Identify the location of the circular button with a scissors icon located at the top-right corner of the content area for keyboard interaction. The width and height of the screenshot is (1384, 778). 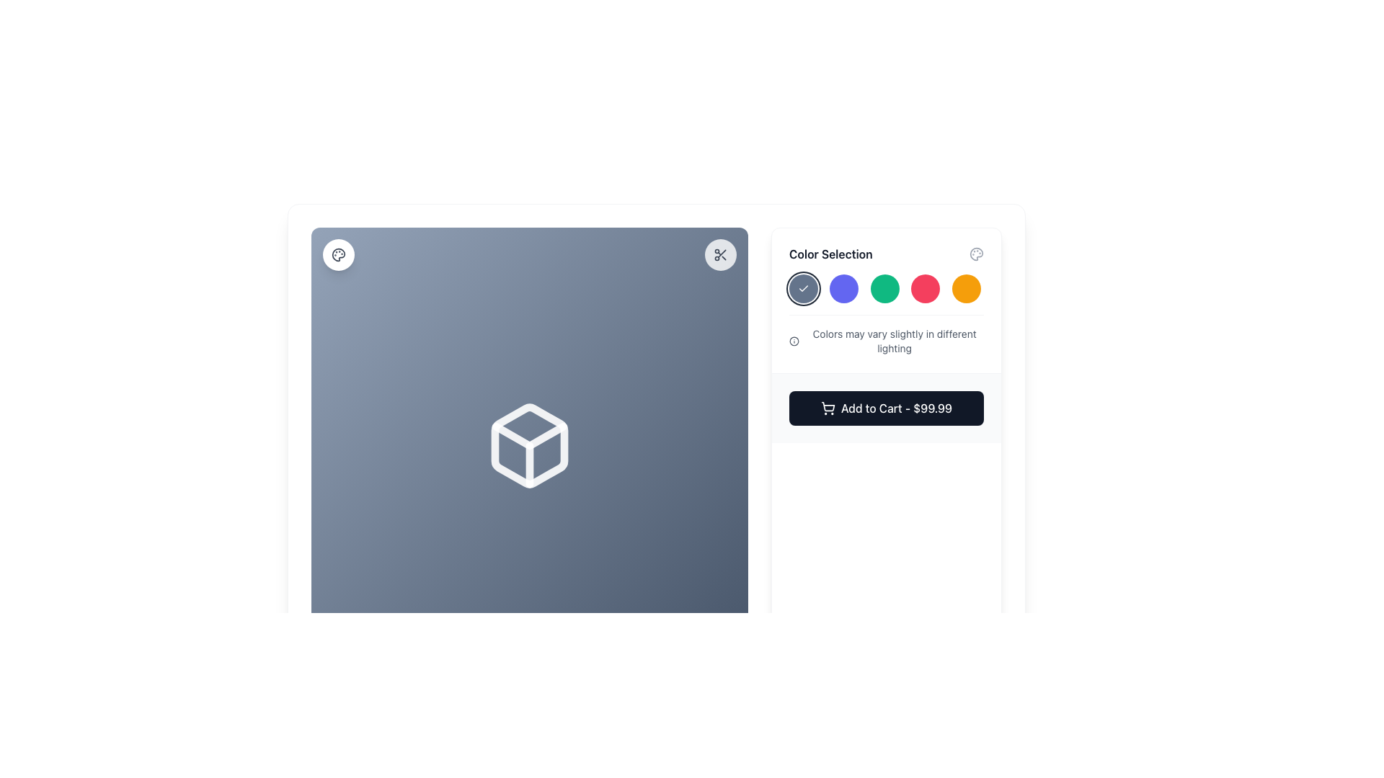
(720, 254).